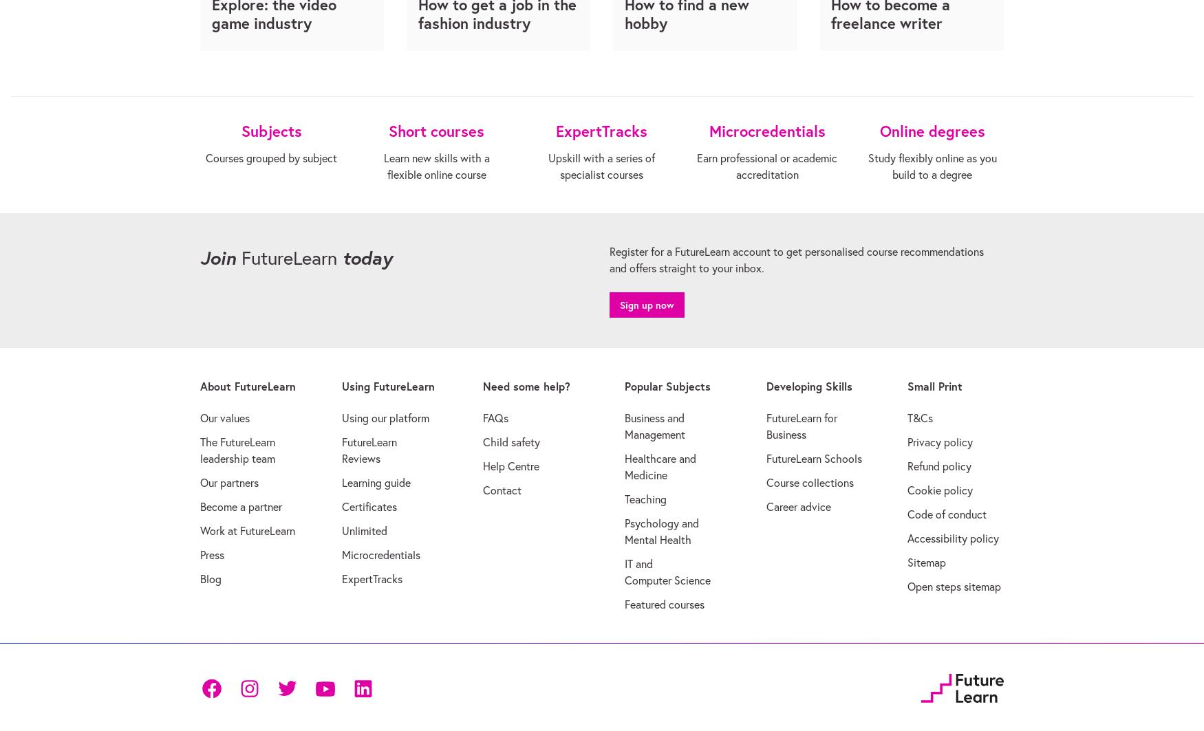 The width and height of the screenshot is (1204, 731). I want to click on 'Our partners', so click(229, 481).